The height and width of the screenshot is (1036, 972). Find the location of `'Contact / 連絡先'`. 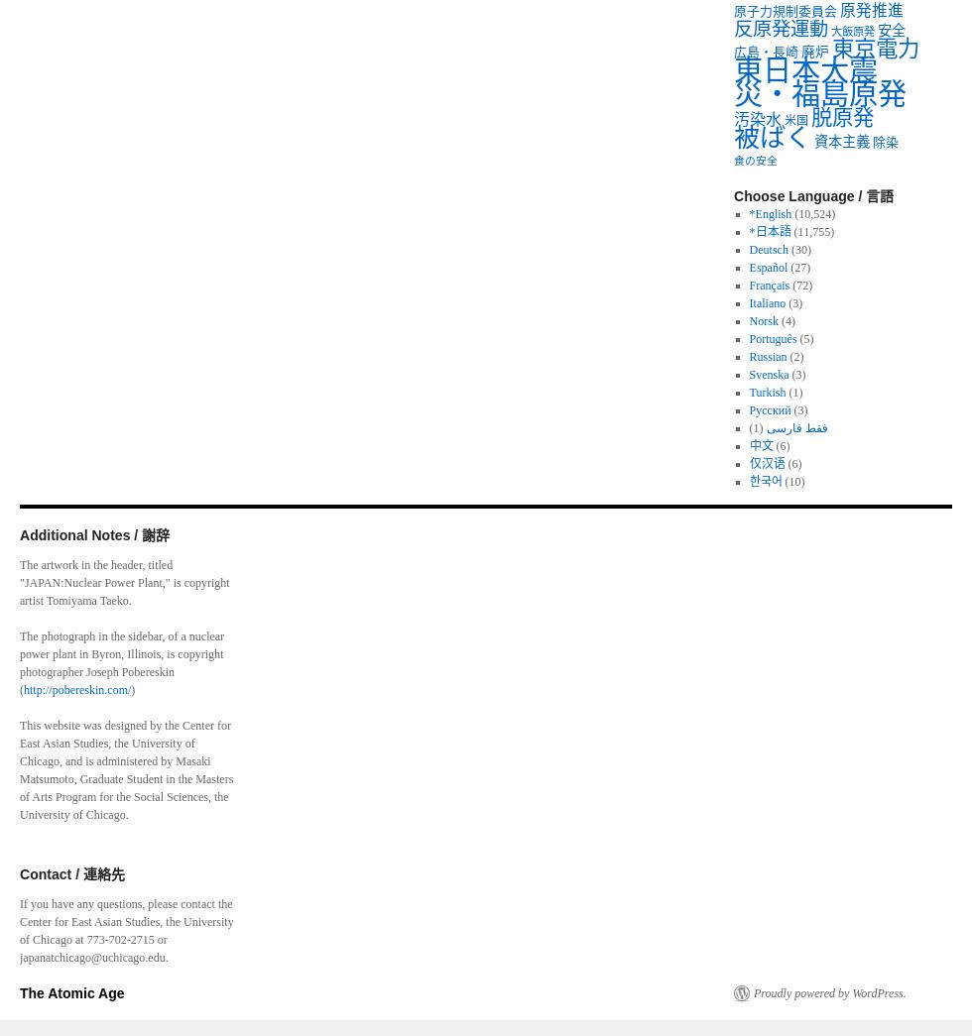

'Contact / 連絡先' is located at coordinates (19, 873).